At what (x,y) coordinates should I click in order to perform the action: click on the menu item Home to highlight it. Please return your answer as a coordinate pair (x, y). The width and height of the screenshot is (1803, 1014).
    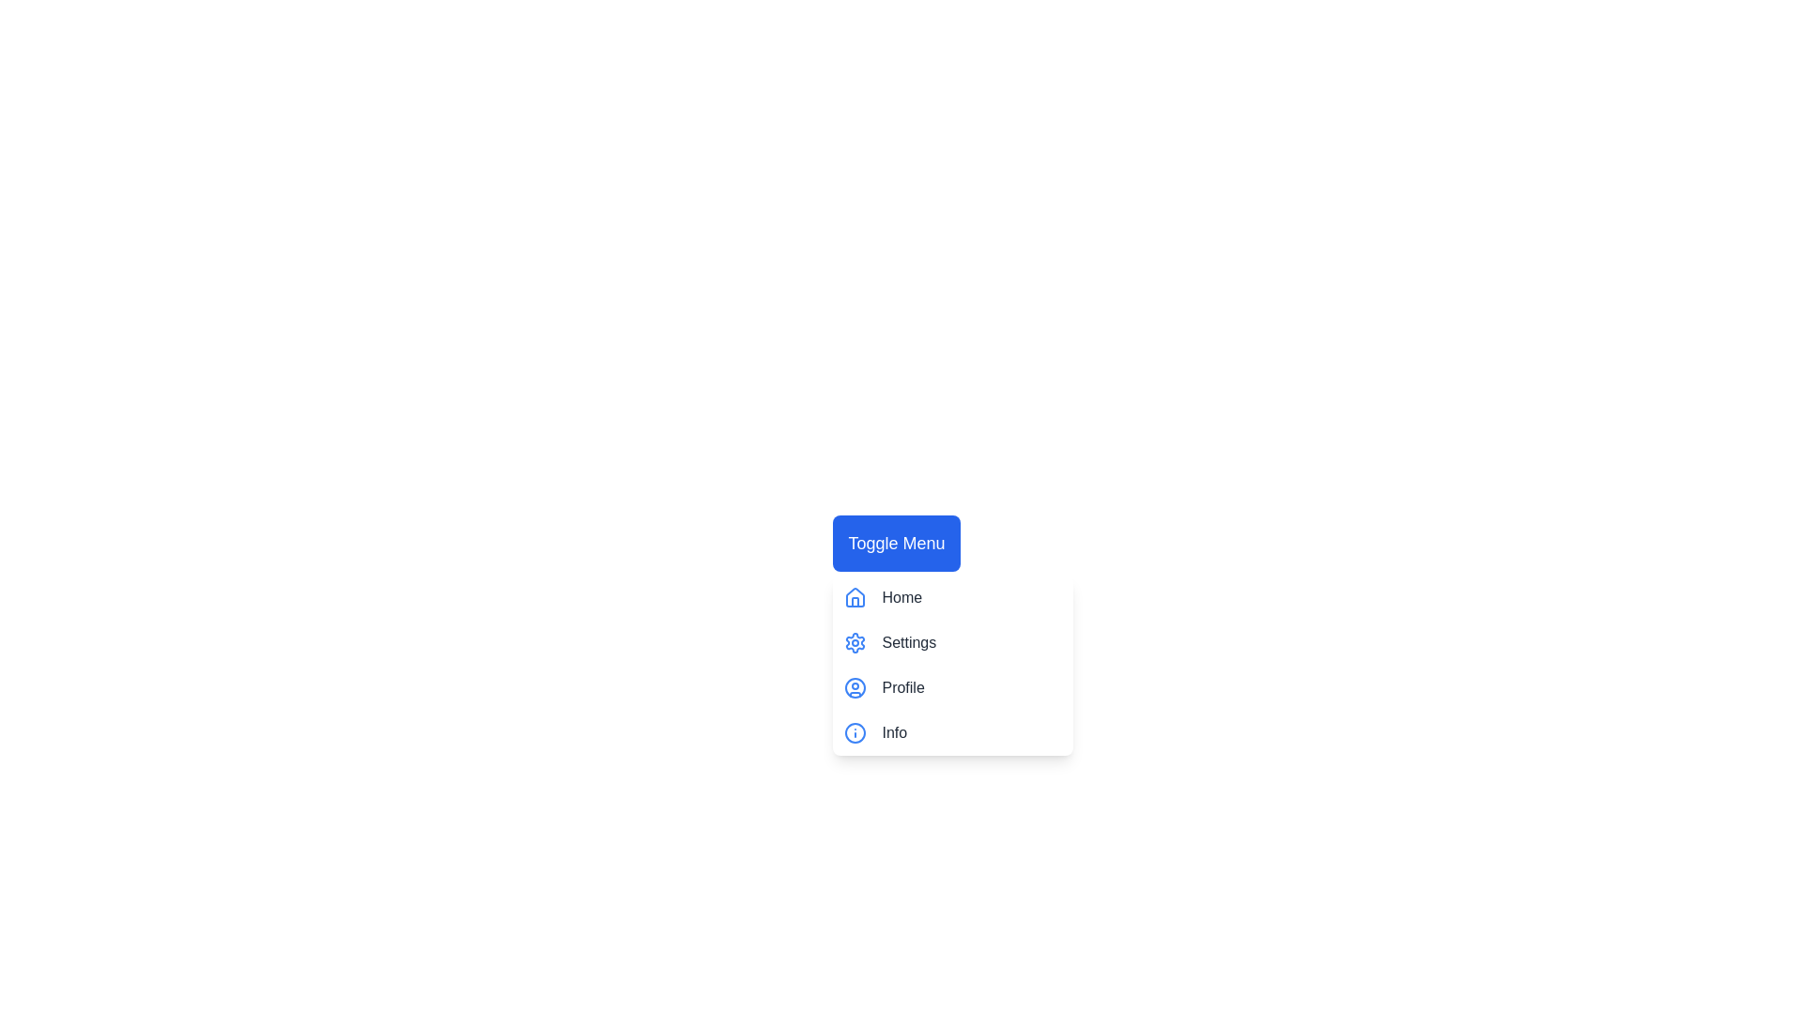
    Looking at the image, I should click on (953, 597).